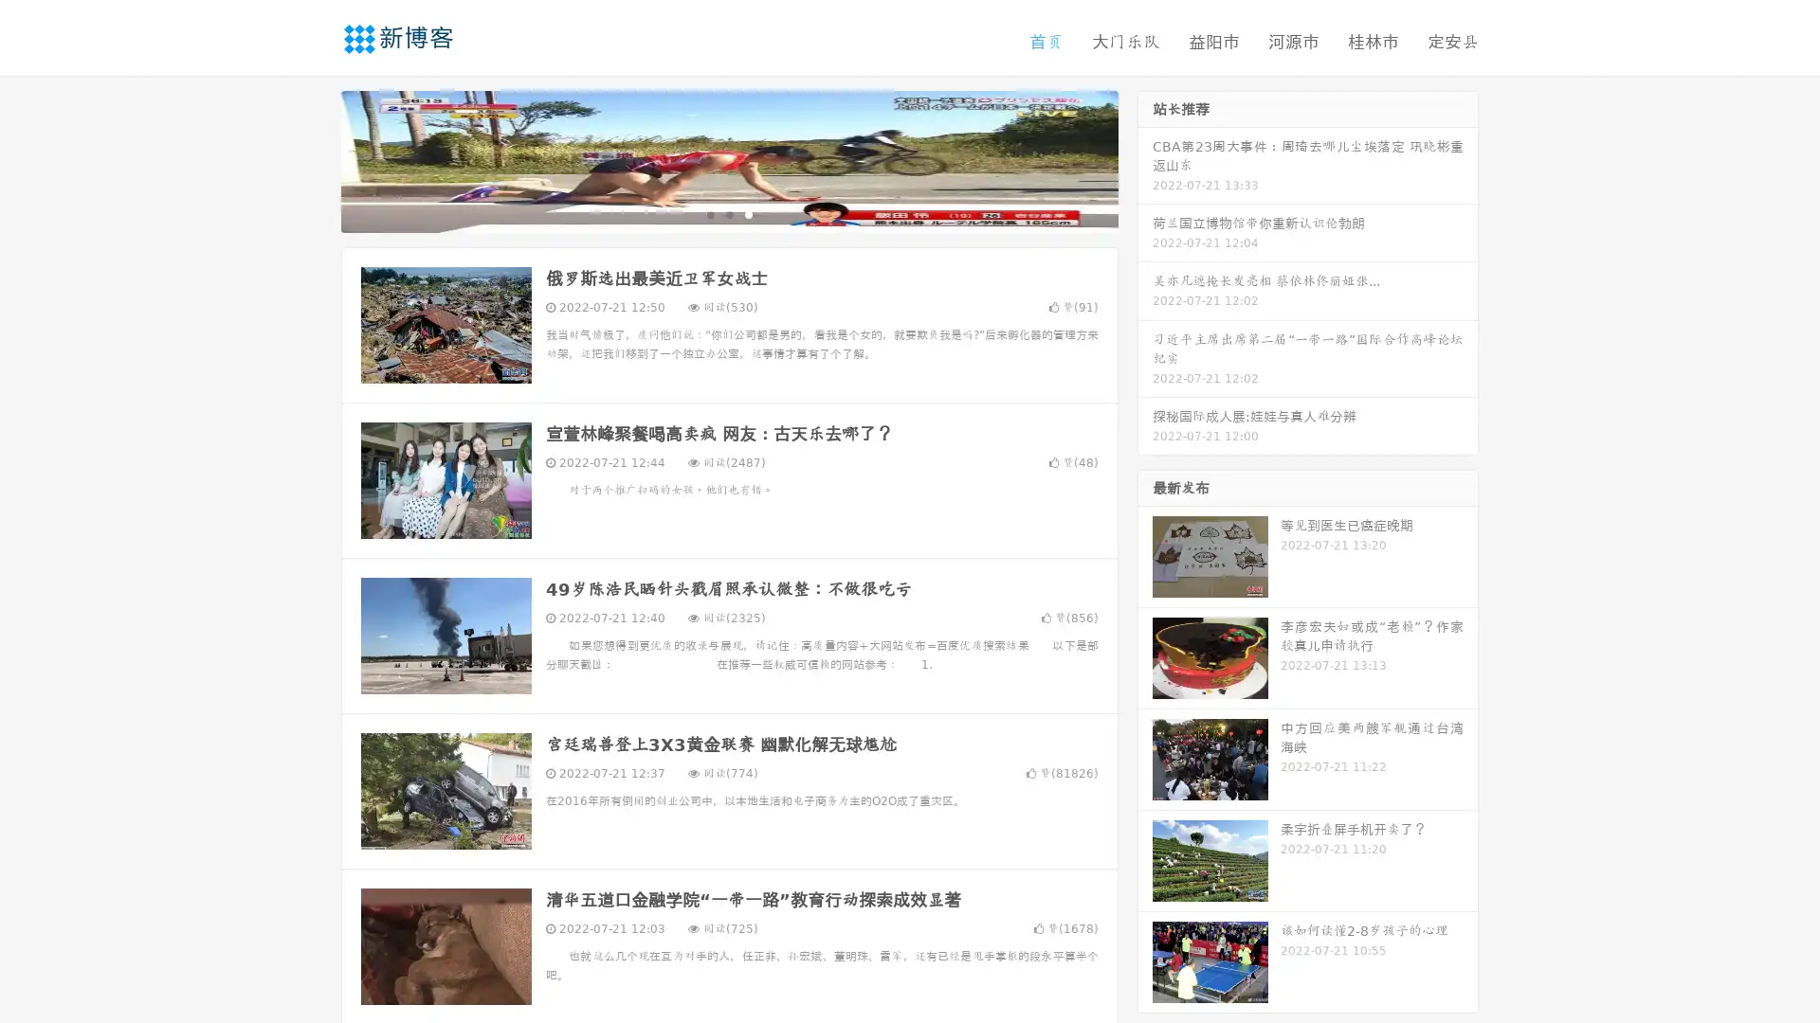  Describe the element at coordinates (728, 213) in the screenshot. I see `Go to slide 2` at that location.